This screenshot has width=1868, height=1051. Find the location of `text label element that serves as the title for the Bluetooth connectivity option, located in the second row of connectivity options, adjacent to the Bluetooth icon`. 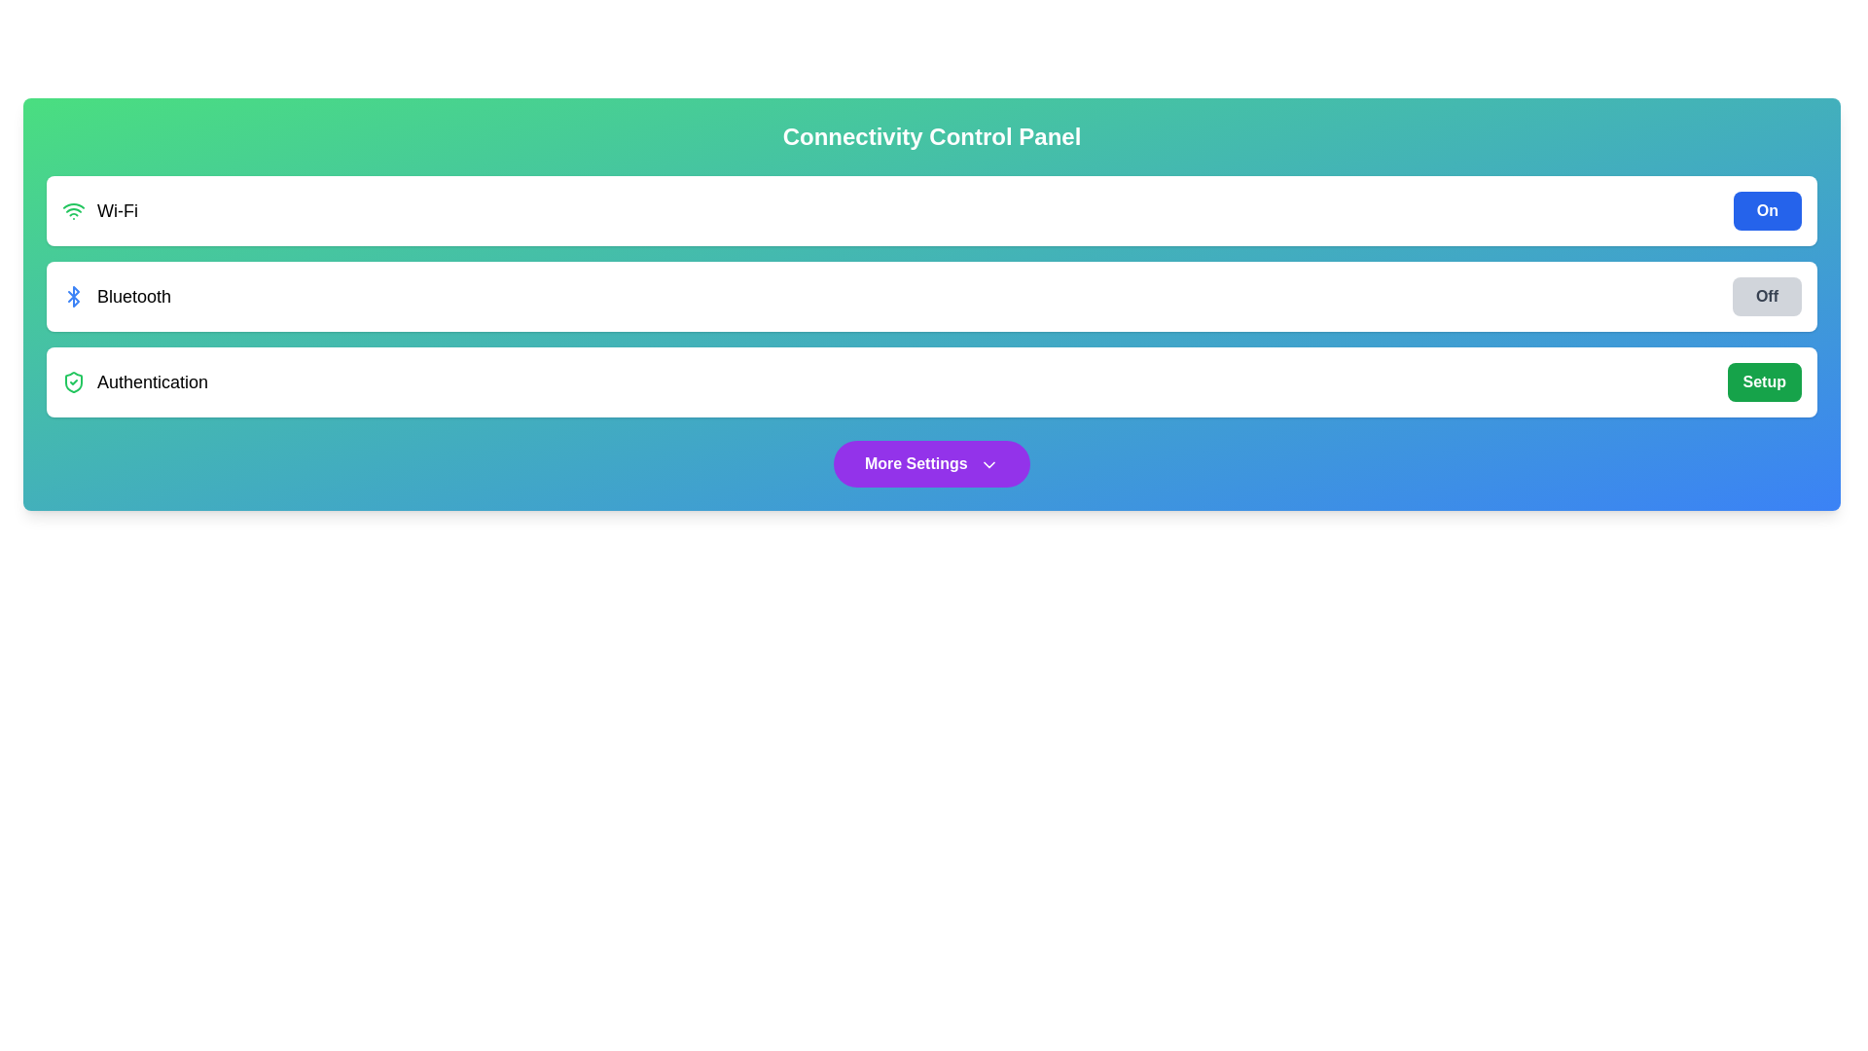

text label element that serves as the title for the Bluetooth connectivity option, located in the second row of connectivity options, adjacent to the Bluetooth icon is located at coordinates (133, 296).